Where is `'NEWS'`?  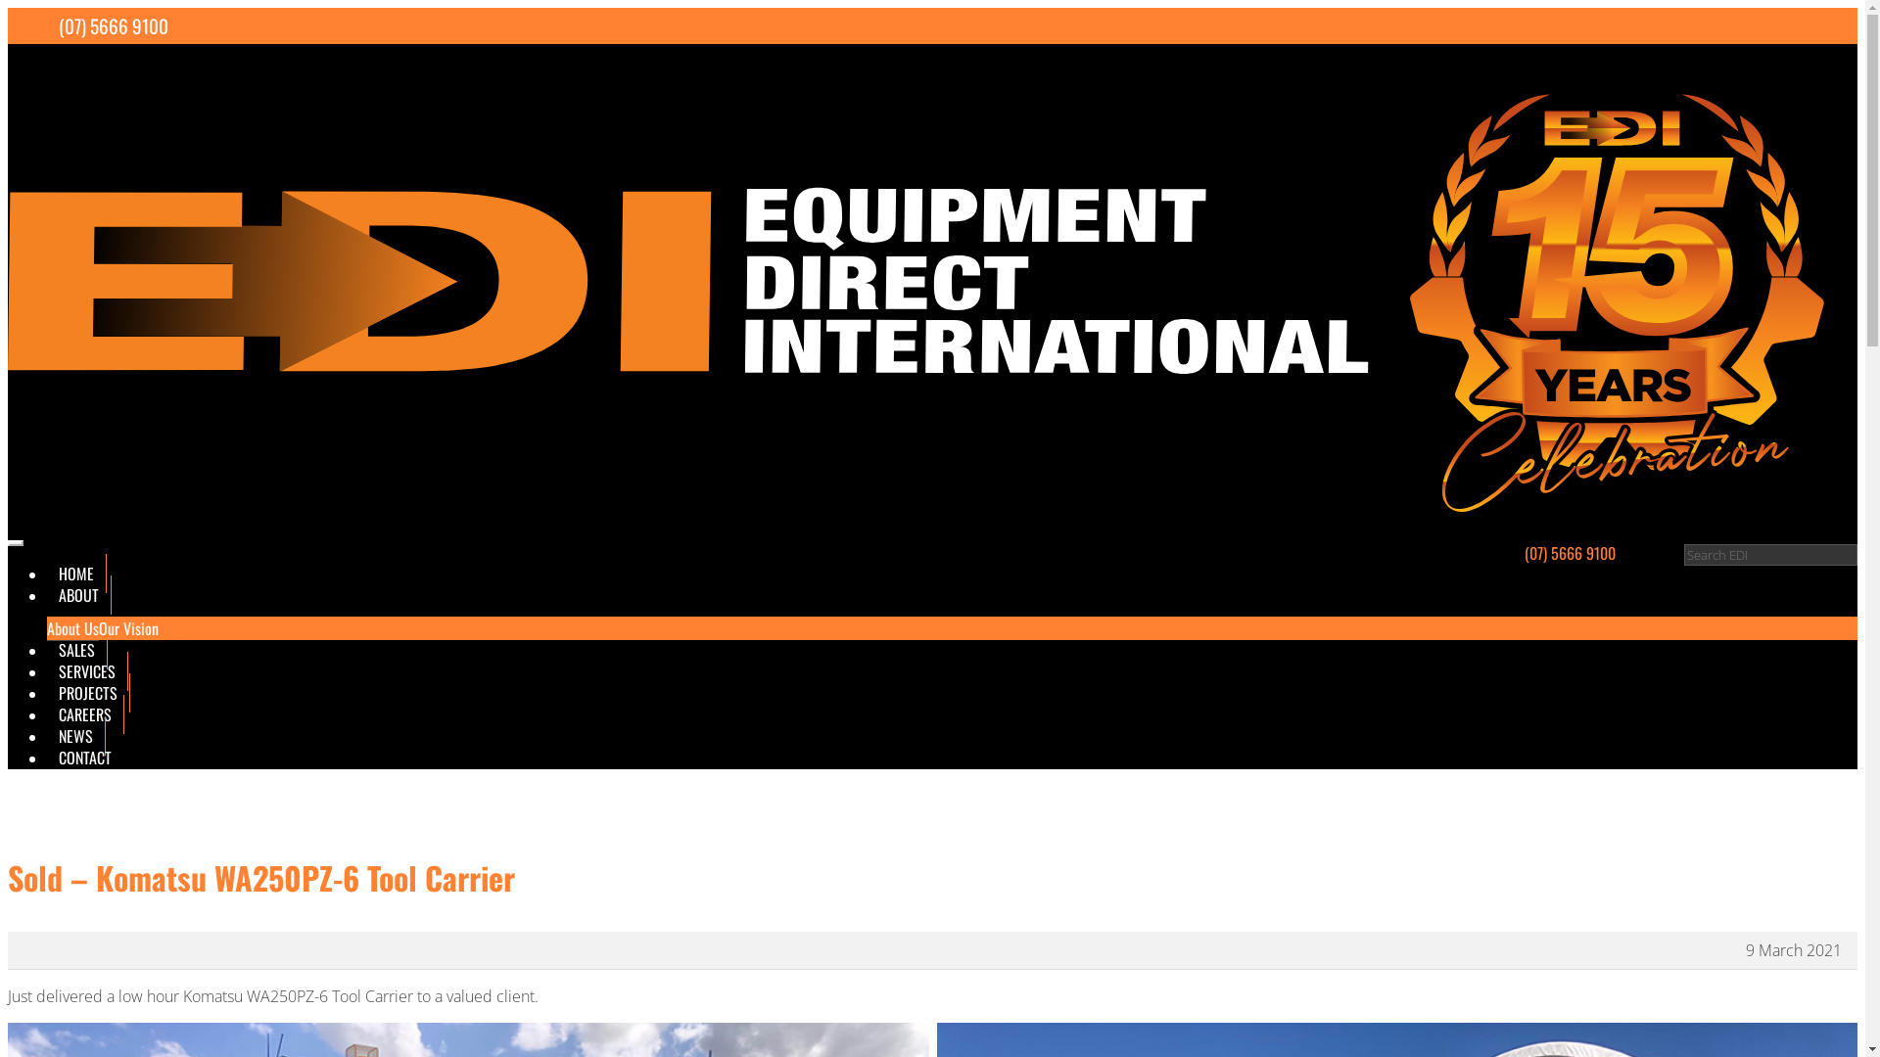 'NEWS' is located at coordinates (47, 736).